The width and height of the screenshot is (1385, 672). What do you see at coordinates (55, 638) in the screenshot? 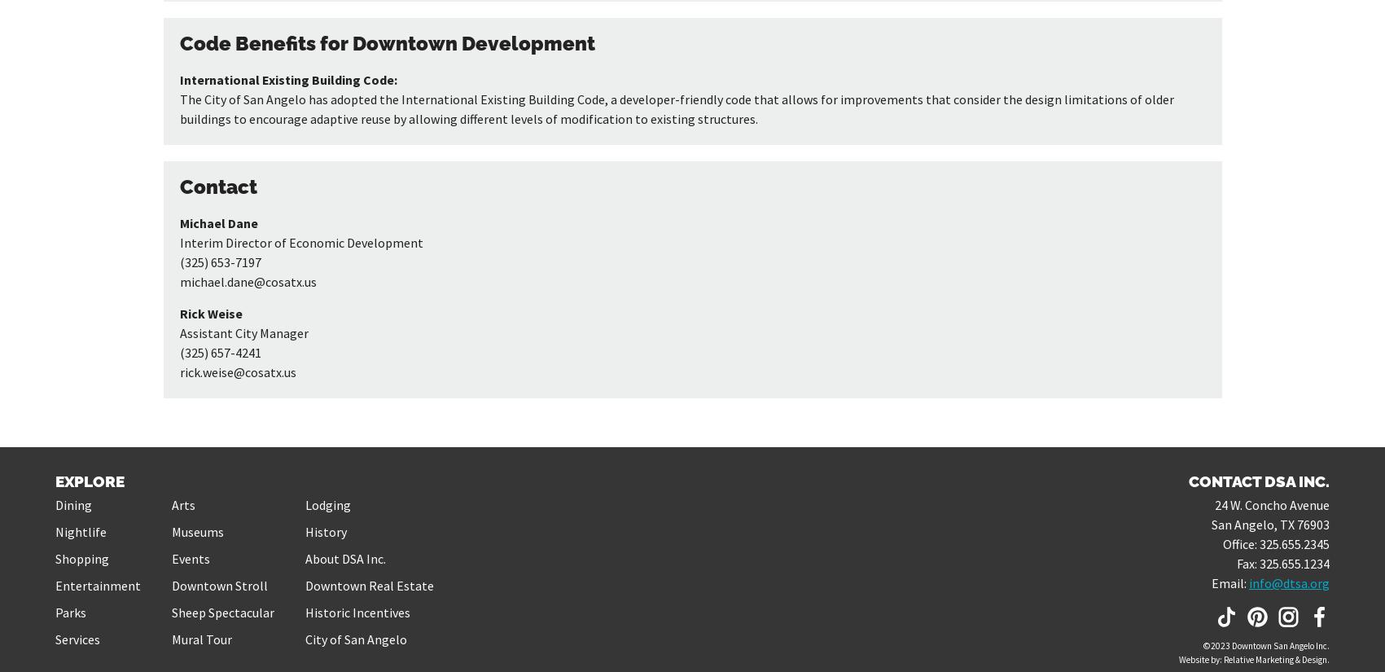
I see `'Services'` at bounding box center [55, 638].